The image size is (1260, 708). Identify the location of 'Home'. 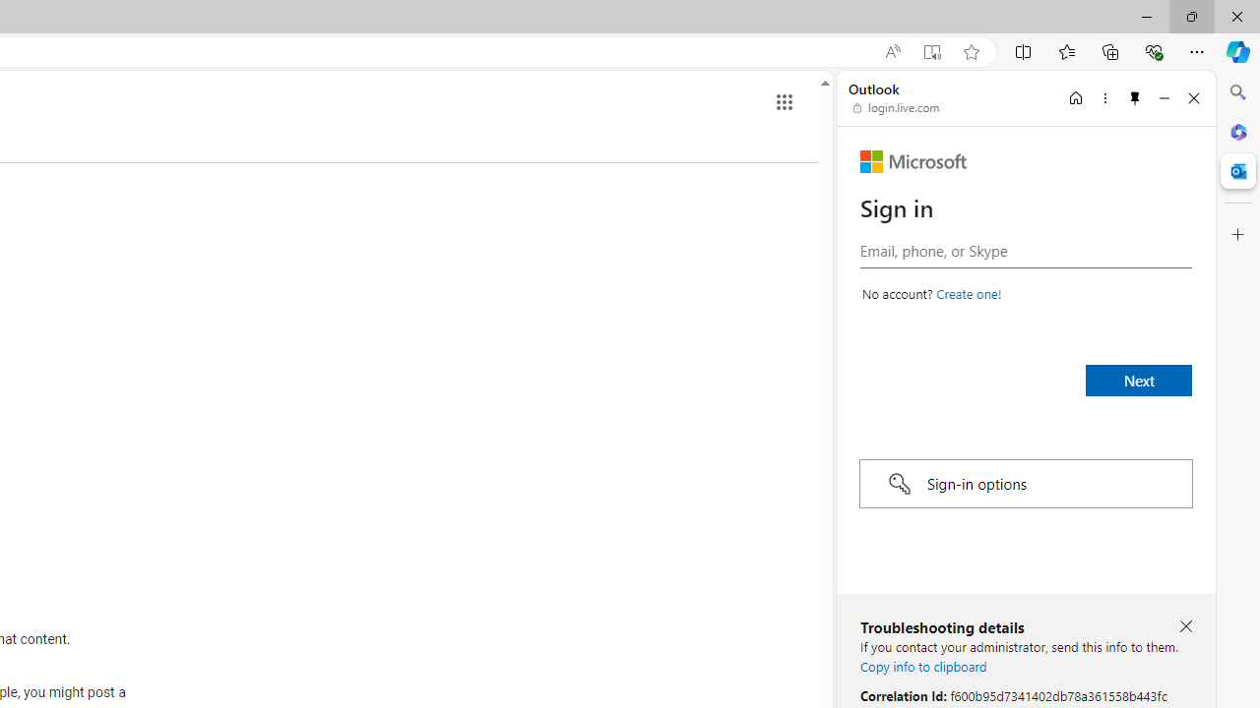
(1075, 97).